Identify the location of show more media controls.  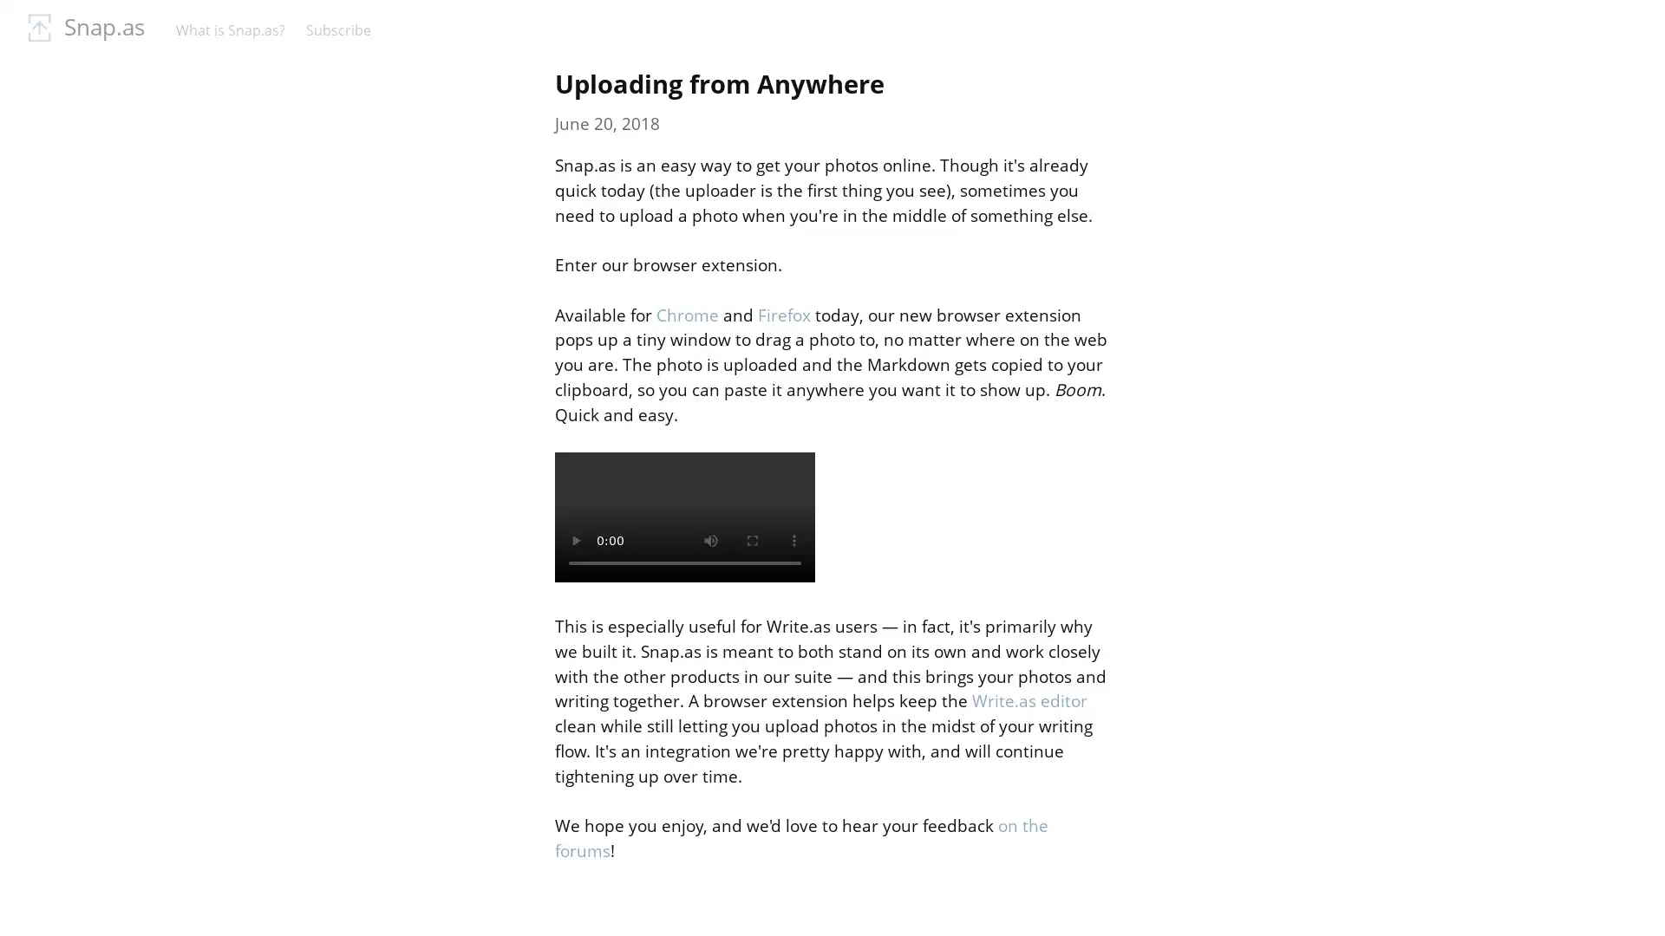
(793, 540).